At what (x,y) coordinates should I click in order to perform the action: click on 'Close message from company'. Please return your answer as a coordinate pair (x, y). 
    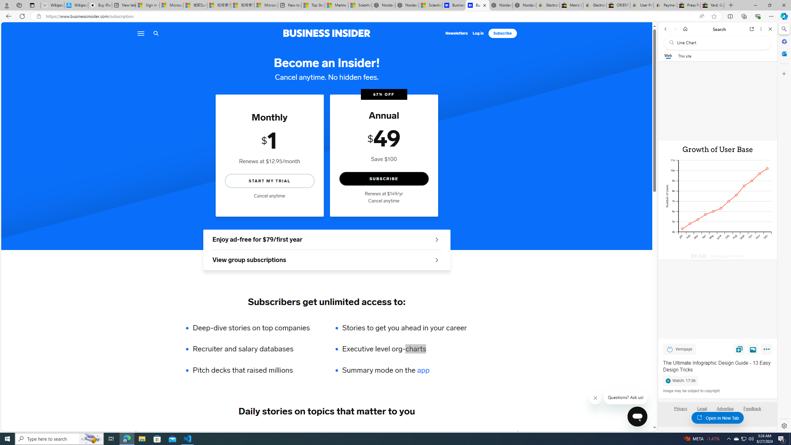
    Looking at the image, I should click on (595, 398).